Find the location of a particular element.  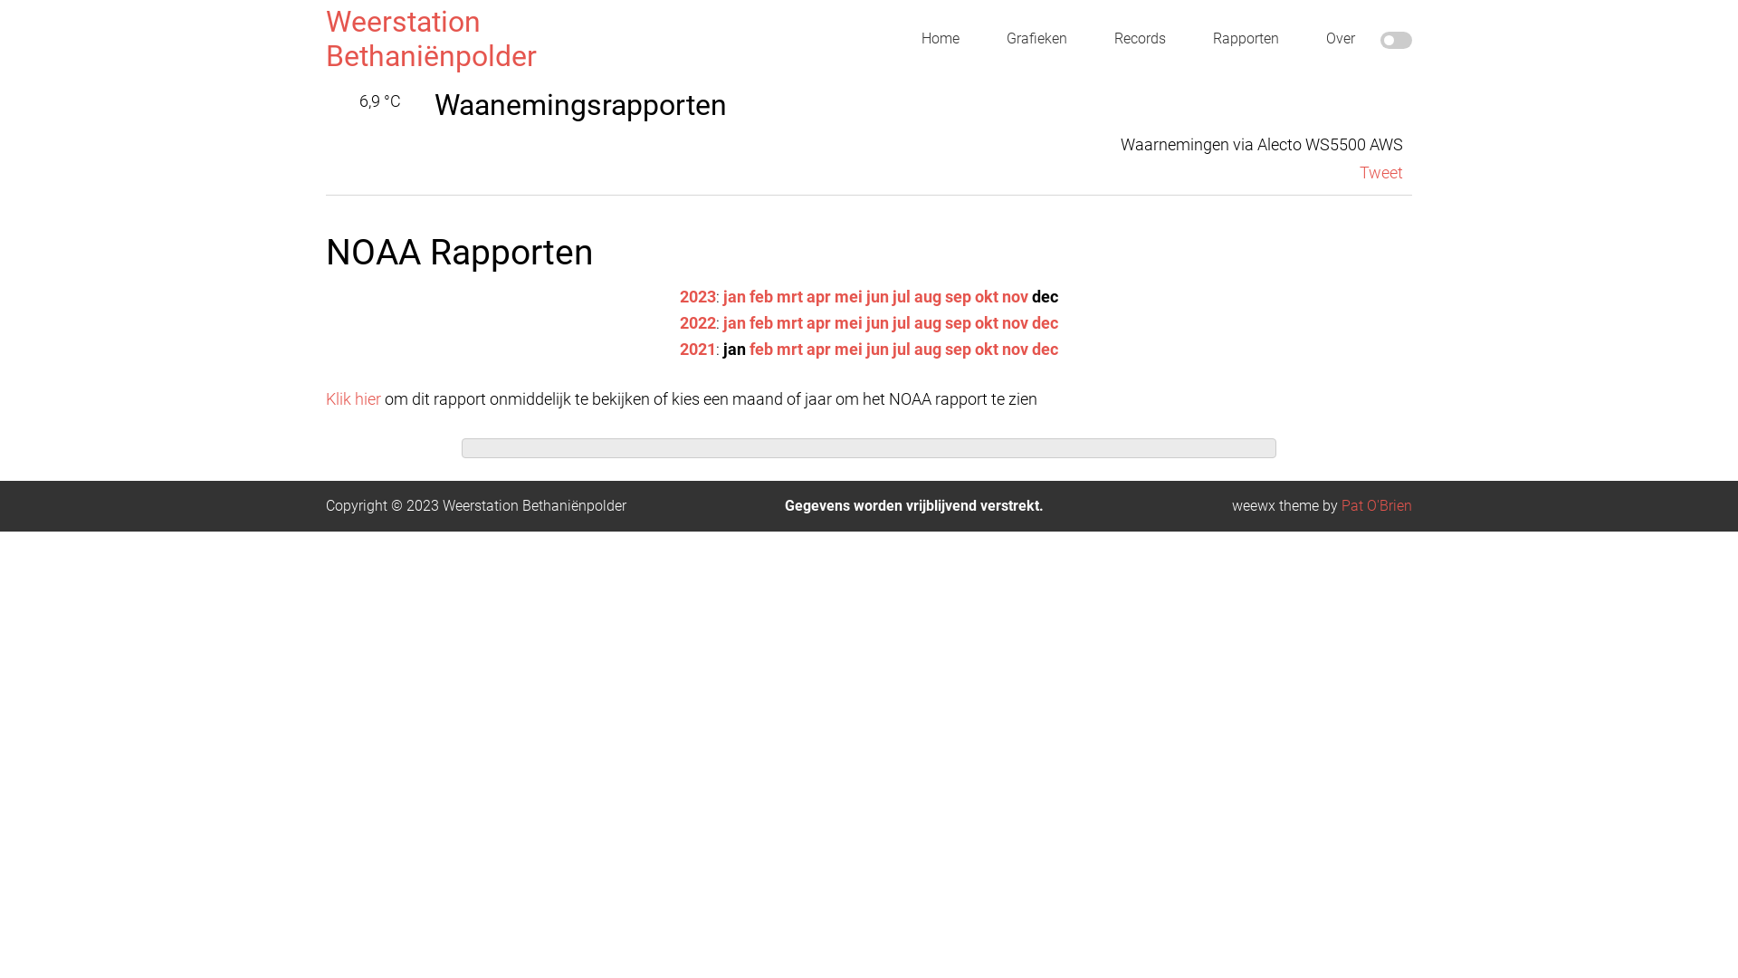

'Home' is located at coordinates (940, 38).